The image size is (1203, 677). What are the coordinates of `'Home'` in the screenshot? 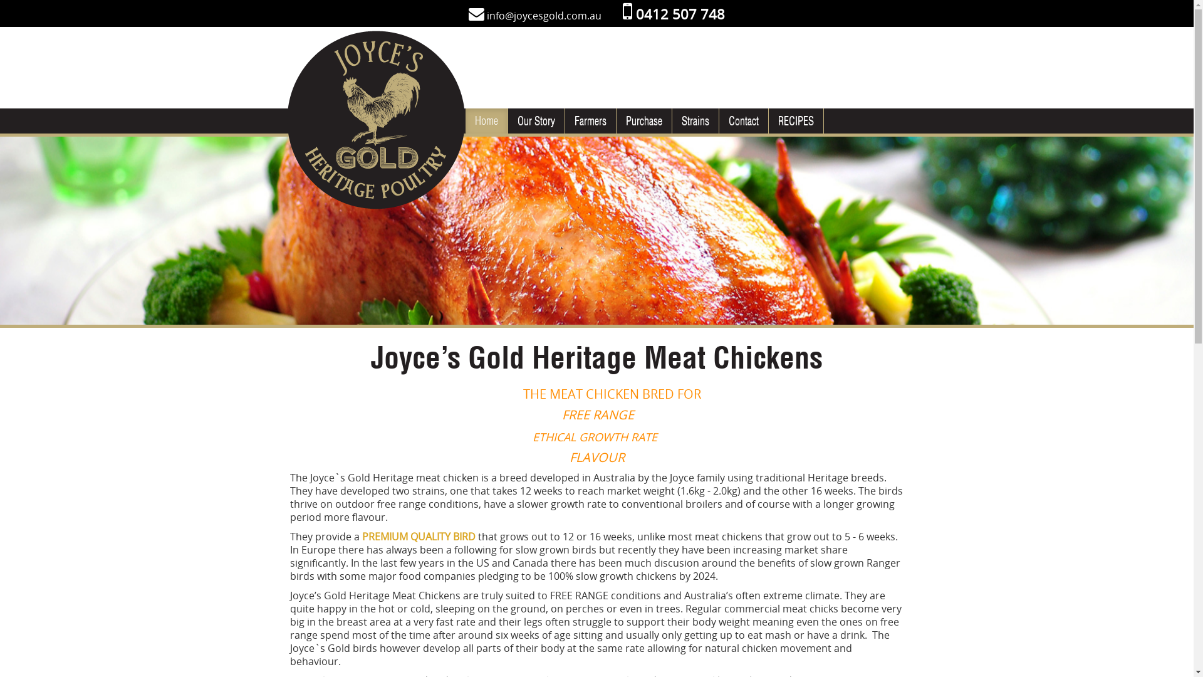 It's located at (464, 120).